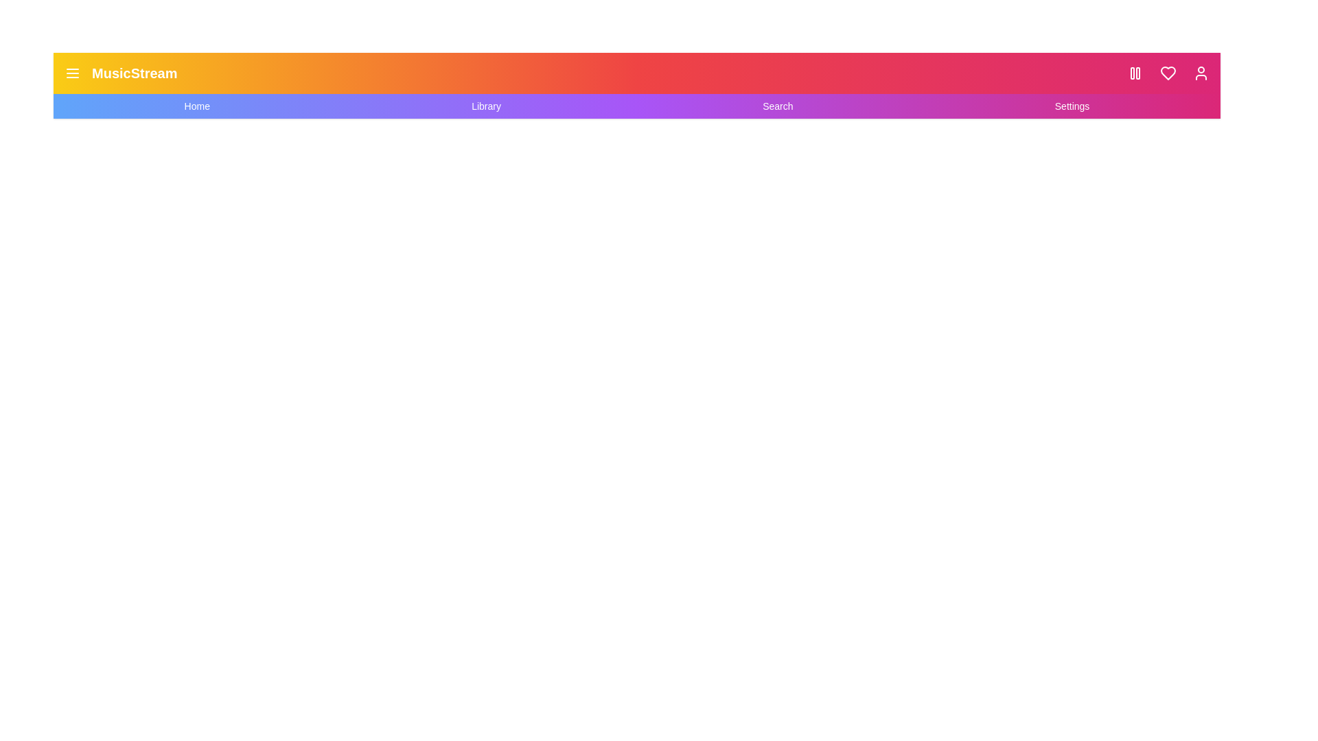  Describe the element at coordinates (1201, 73) in the screenshot. I see `the user icon to access user settings or profile` at that location.